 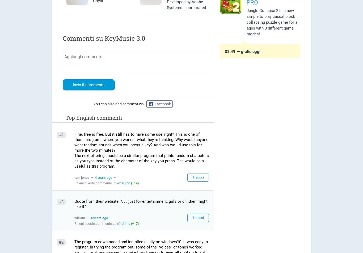 I want to click on 'Fine. free is free. But it still has to have some use, right? This is one of those programs where you wonder what they're thinking. Why would anyone want random sounds when you press a key? And who would use this for more the two minutes?', so click(x=74, y=142).